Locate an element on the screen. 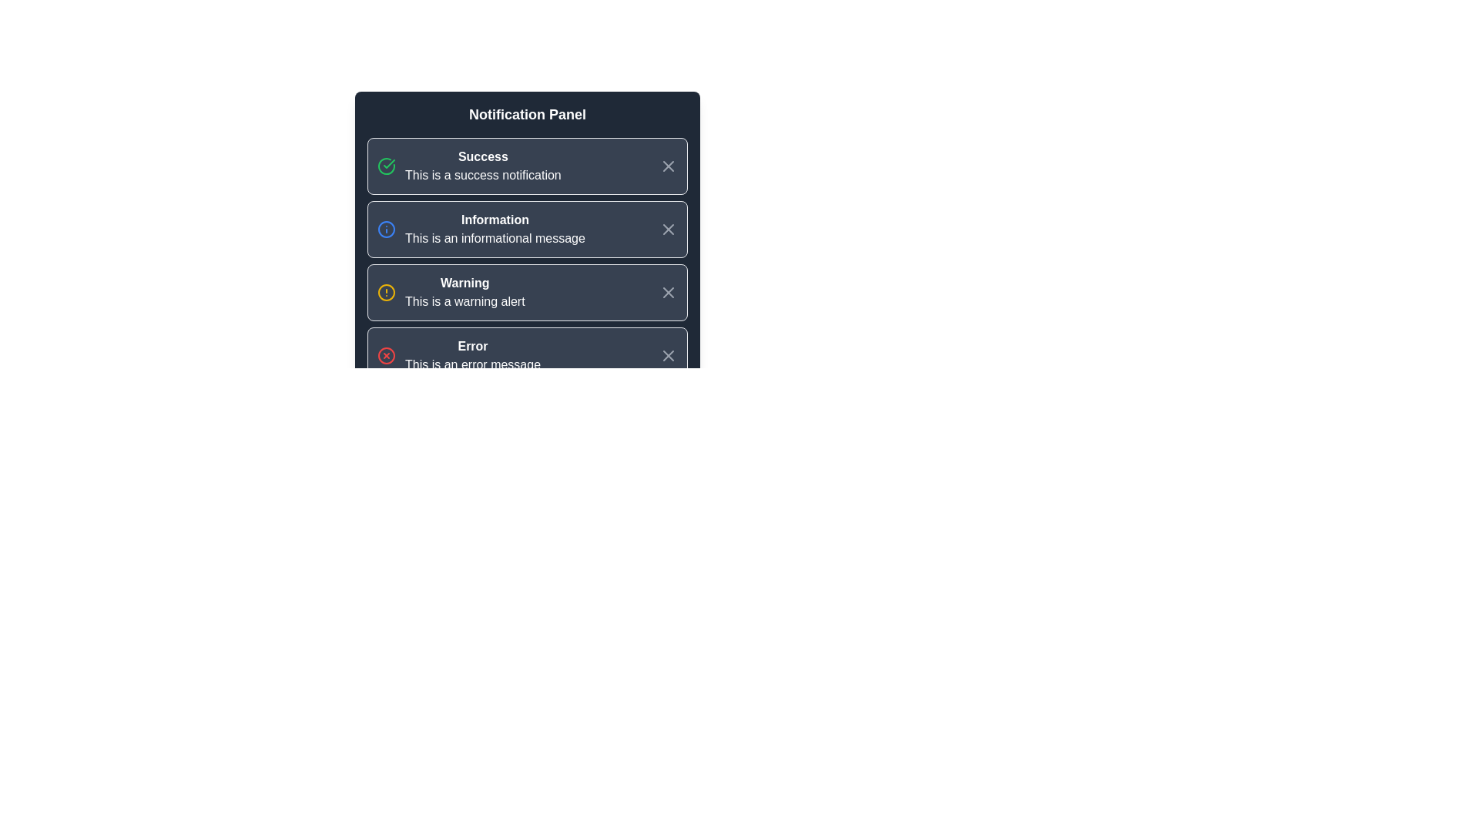  text content of the notification label displaying 'This is a success notification.' located in the Notification Panel, directly below the 'Success' header is located at coordinates (482, 174).